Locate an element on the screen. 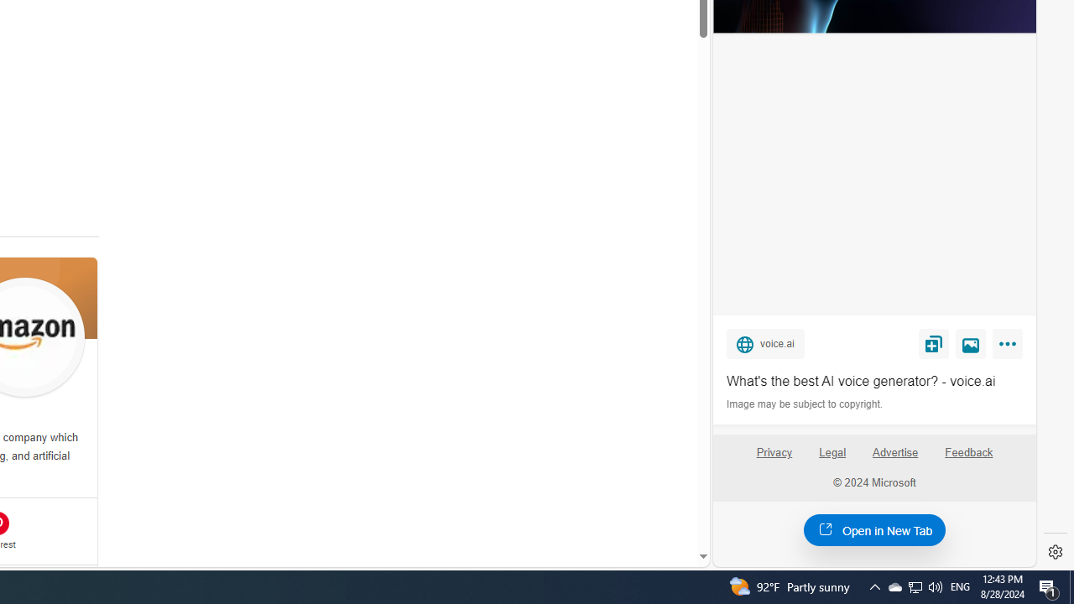 The image size is (1074, 604). 'voice.ai' is located at coordinates (764, 342).